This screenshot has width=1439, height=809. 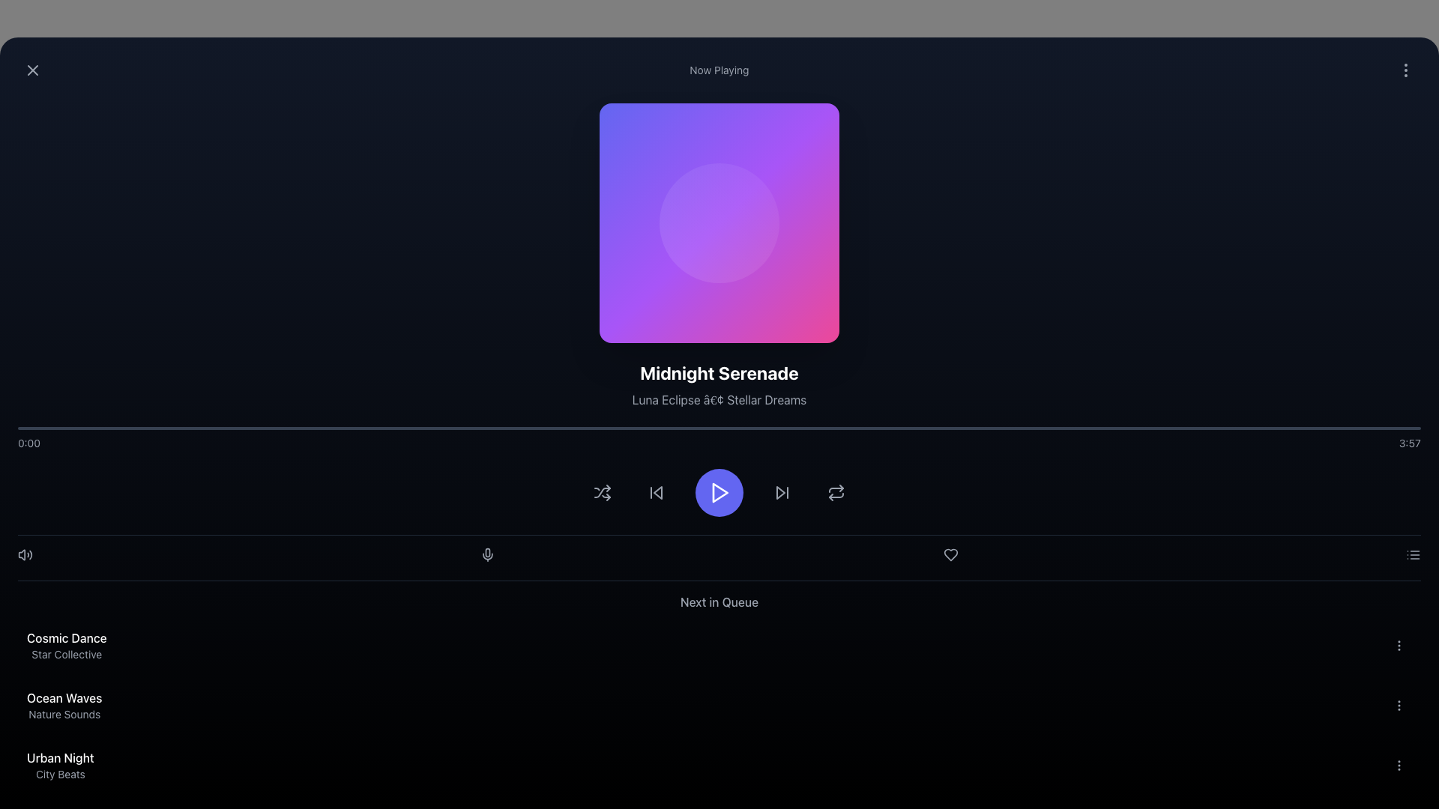 What do you see at coordinates (66, 654) in the screenshot?
I see `the static text label that serves as metadata or a secondary descriptor for 'Cosmic Dance', located directly below the 'Cosmic Dance' text` at bounding box center [66, 654].